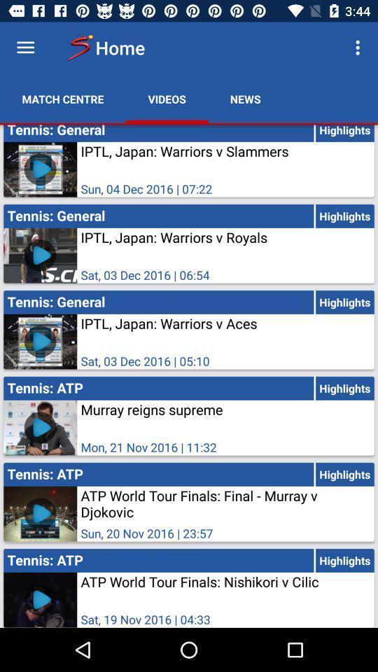 The image size is (378, 672). I want to click on the icon above the highlights icon, so click(359, 48).